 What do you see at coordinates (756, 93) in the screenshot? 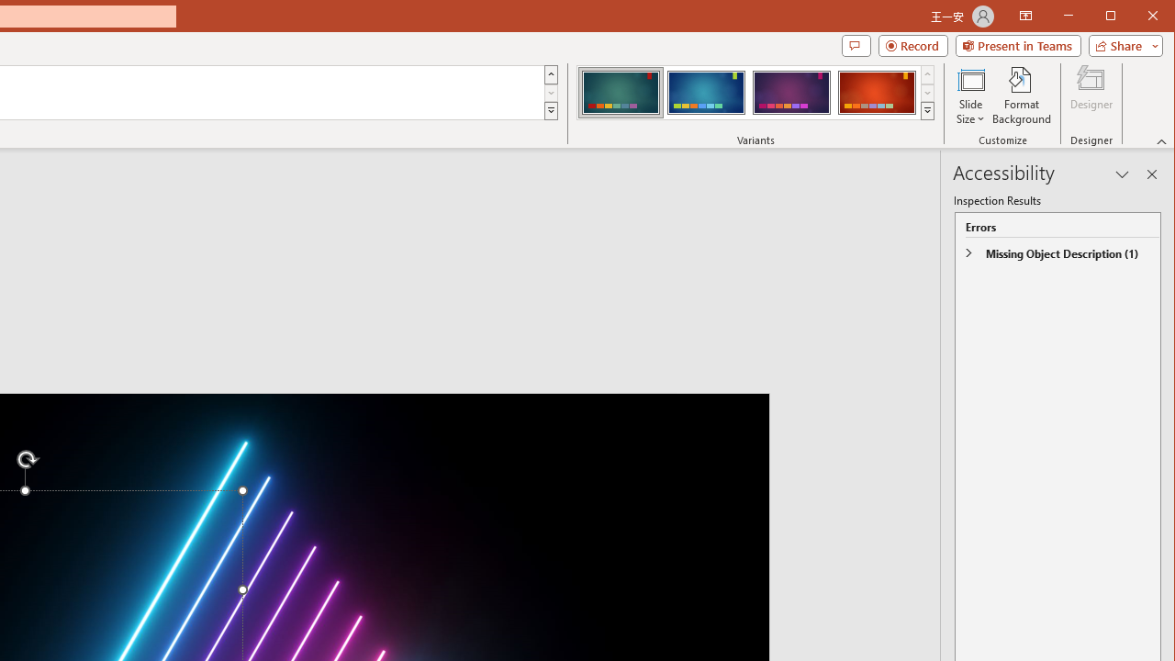
I see `'AutomationID: ThemeVariantsGallery'` at bounding box center [756, 93].